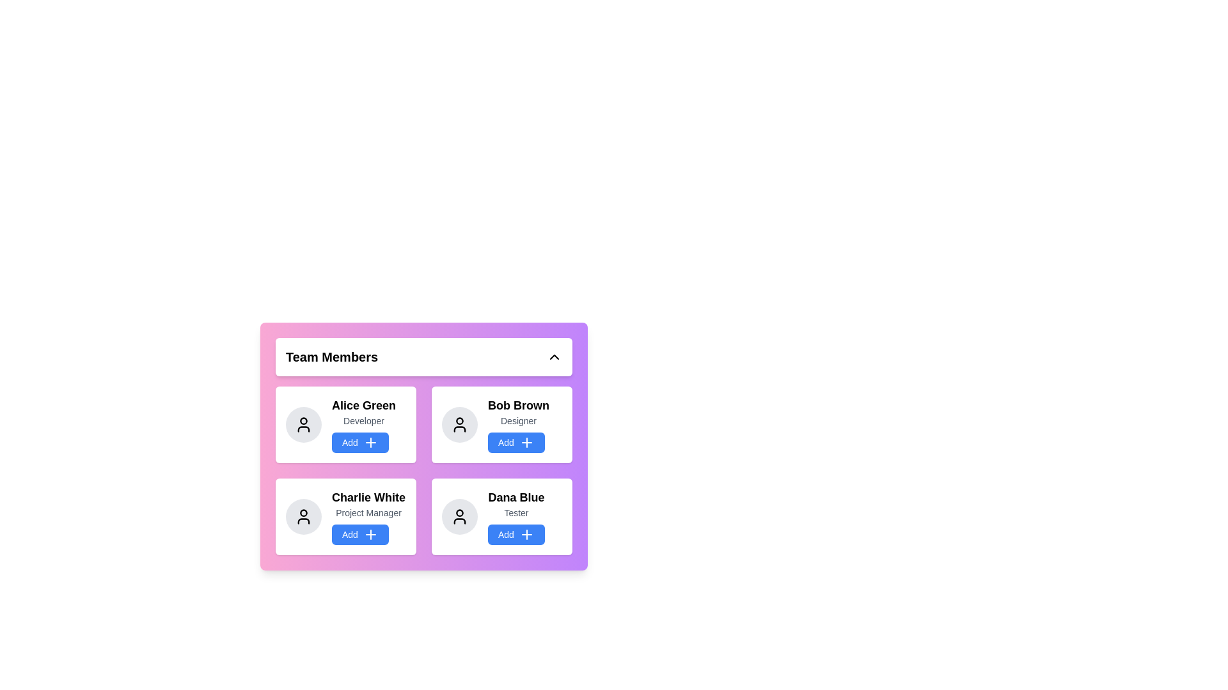  I want to click on the text label that reads 'Designer', which is styled in a smaller gray font and positioned directly below the 'Bob Brown' name label in the 'Team Members' section, so click(519, 421).